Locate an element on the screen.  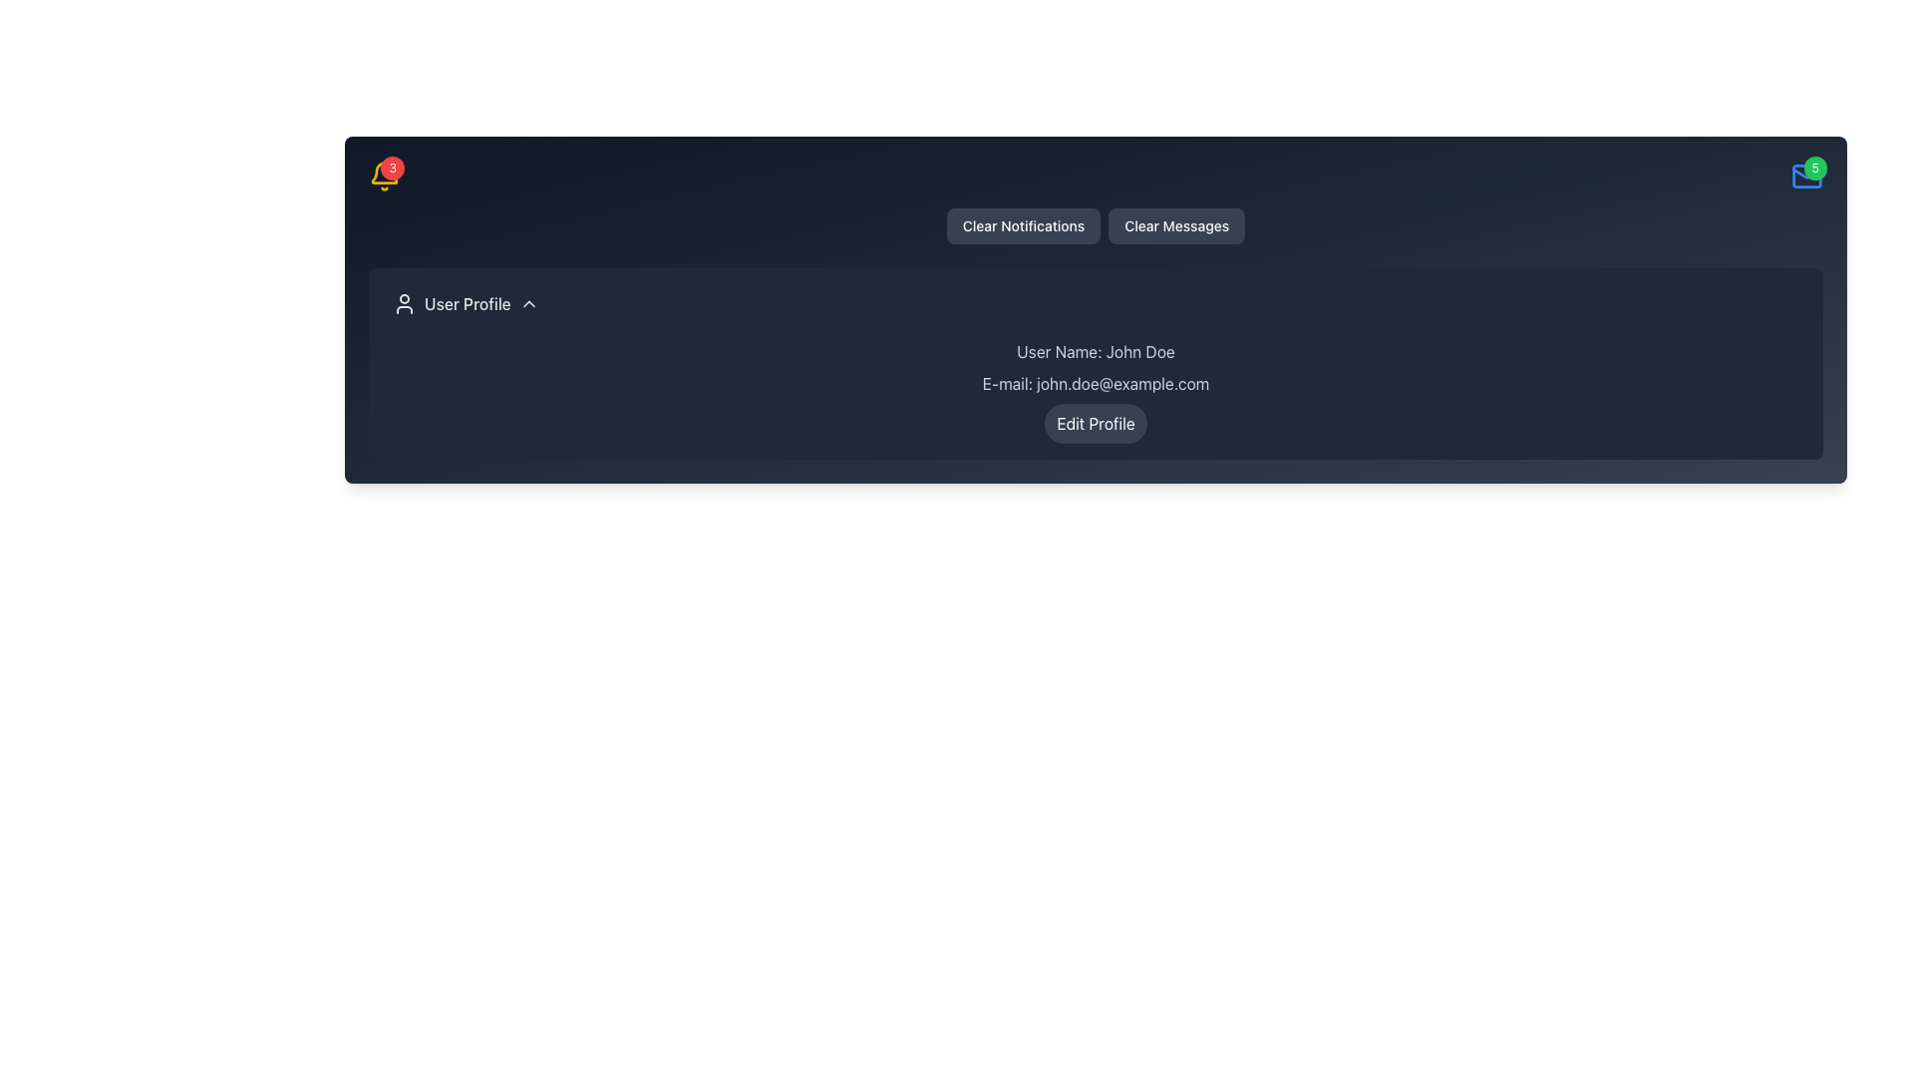
the decorative rectangular SVG graphical component located within the top-right corner of the interface, specifically inside the blue mailbox icon with a green badge is located at coordinates (1807, 176).